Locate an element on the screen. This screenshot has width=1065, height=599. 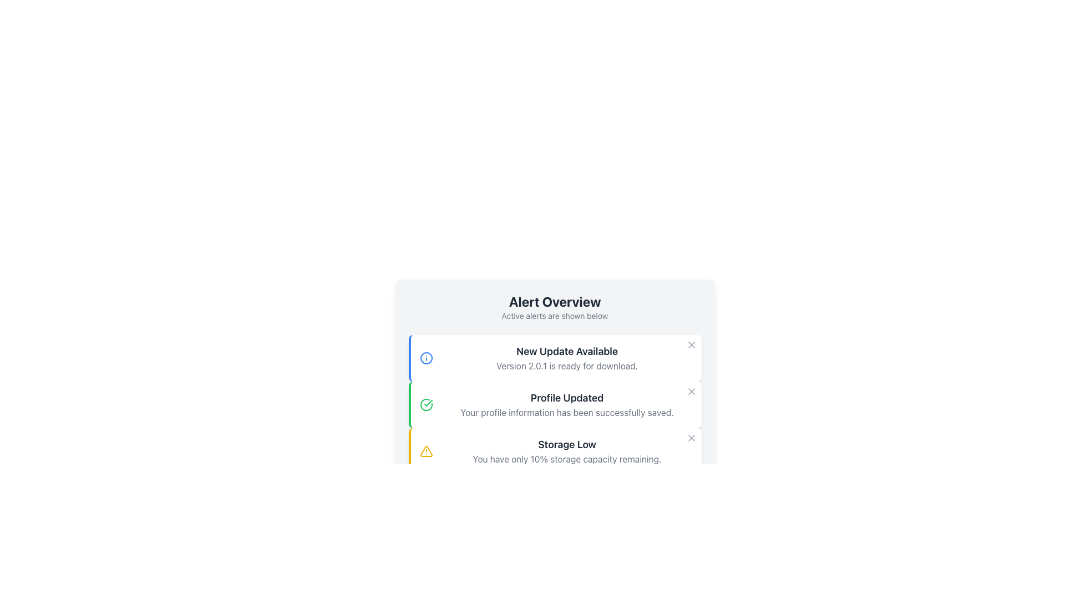
the 'Profile Updated' status indicator icon is located at coordinates (425, 404).